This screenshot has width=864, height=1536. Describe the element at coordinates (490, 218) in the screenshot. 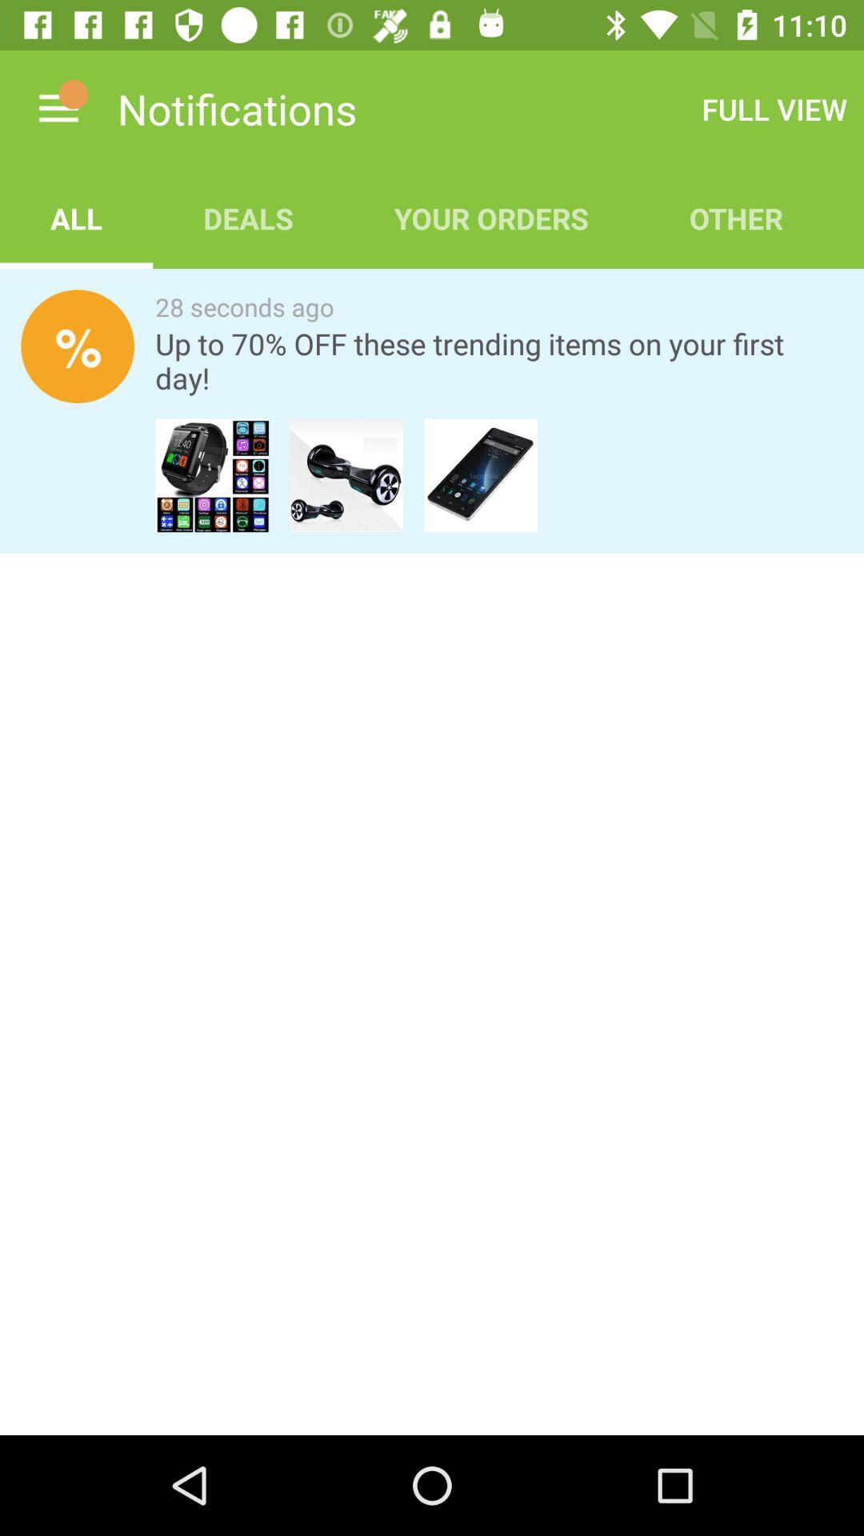

I see `your orders app` at that location.